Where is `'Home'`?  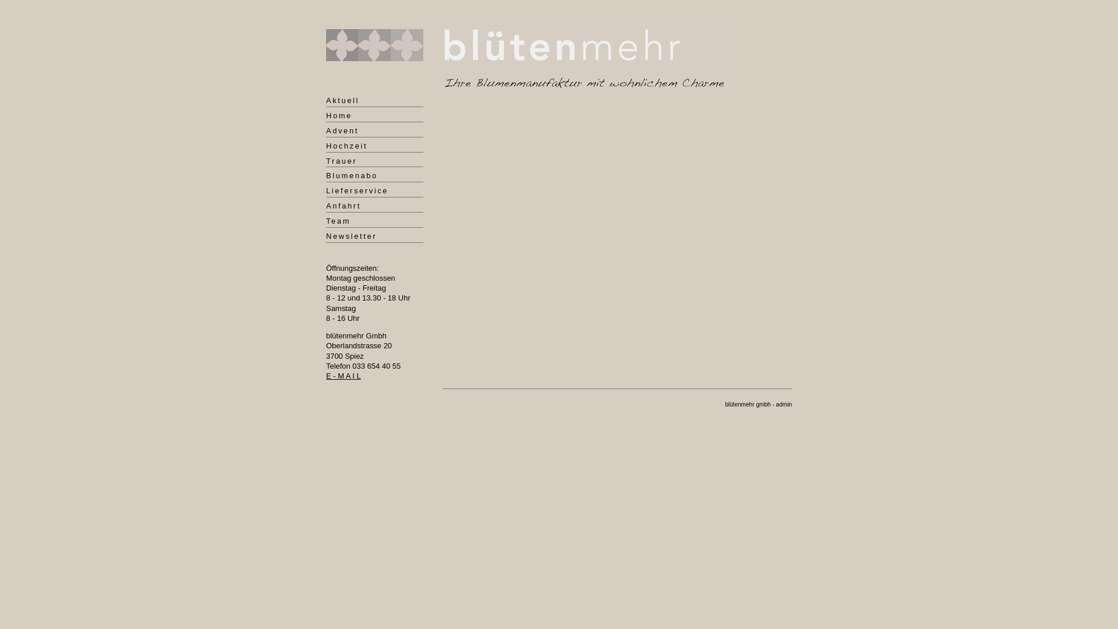 'Home' is located at coordinates (326, 116).